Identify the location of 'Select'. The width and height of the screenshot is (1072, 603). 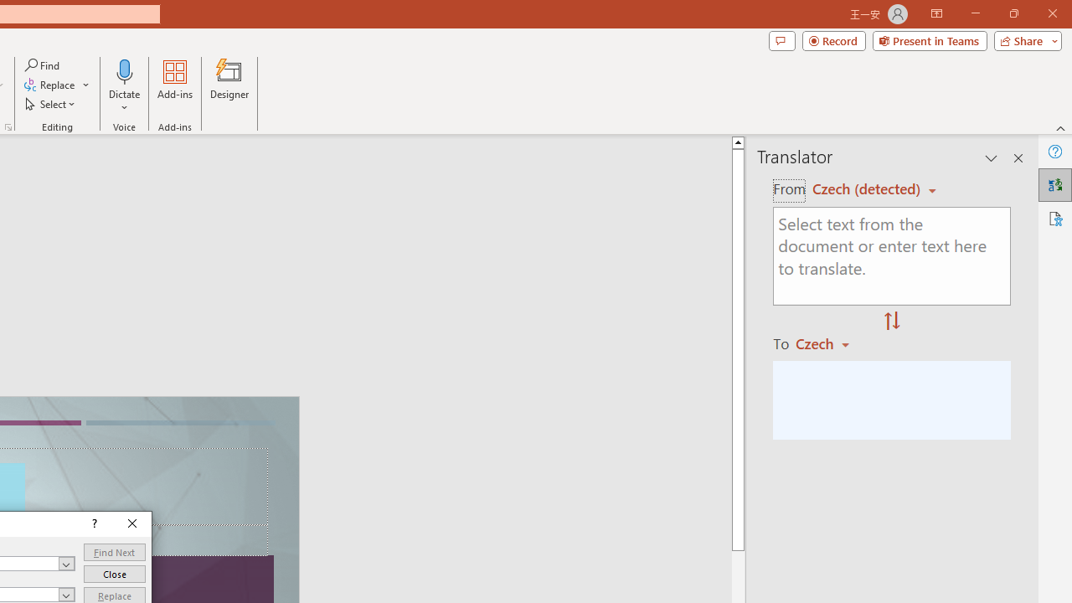
(51, 104).